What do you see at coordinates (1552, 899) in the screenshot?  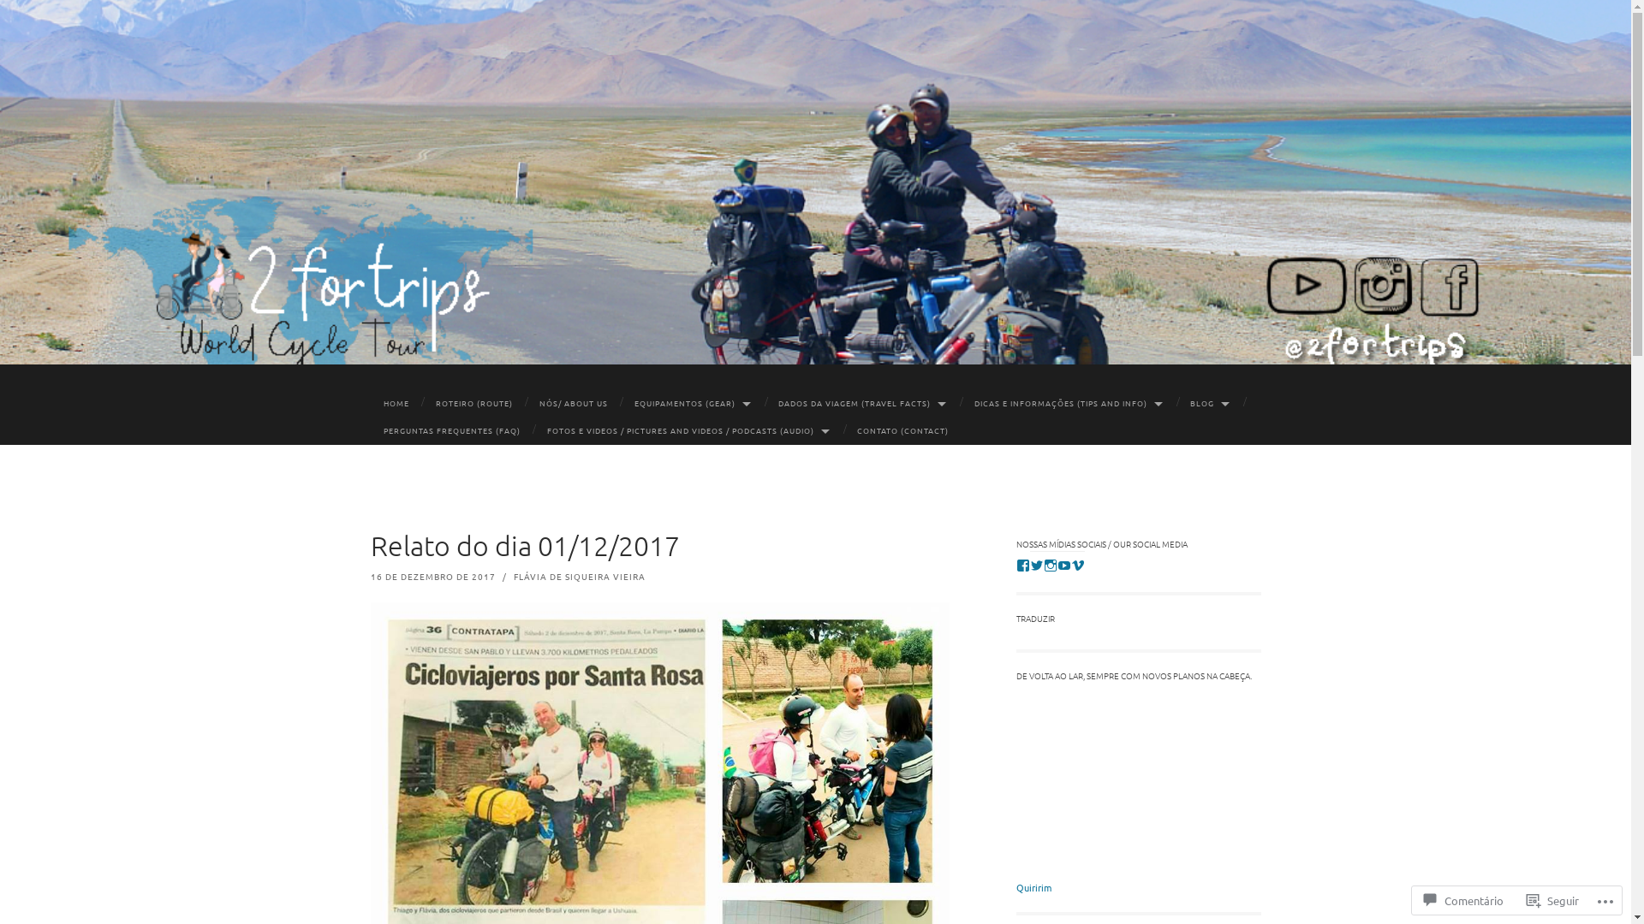 I see `'Seguir'` at bounding box center [1552, 899].